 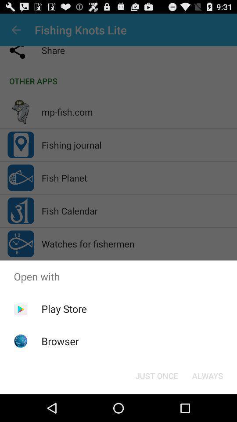 I want to click on the button to the left of the always icon, so click(x=156, y=375).